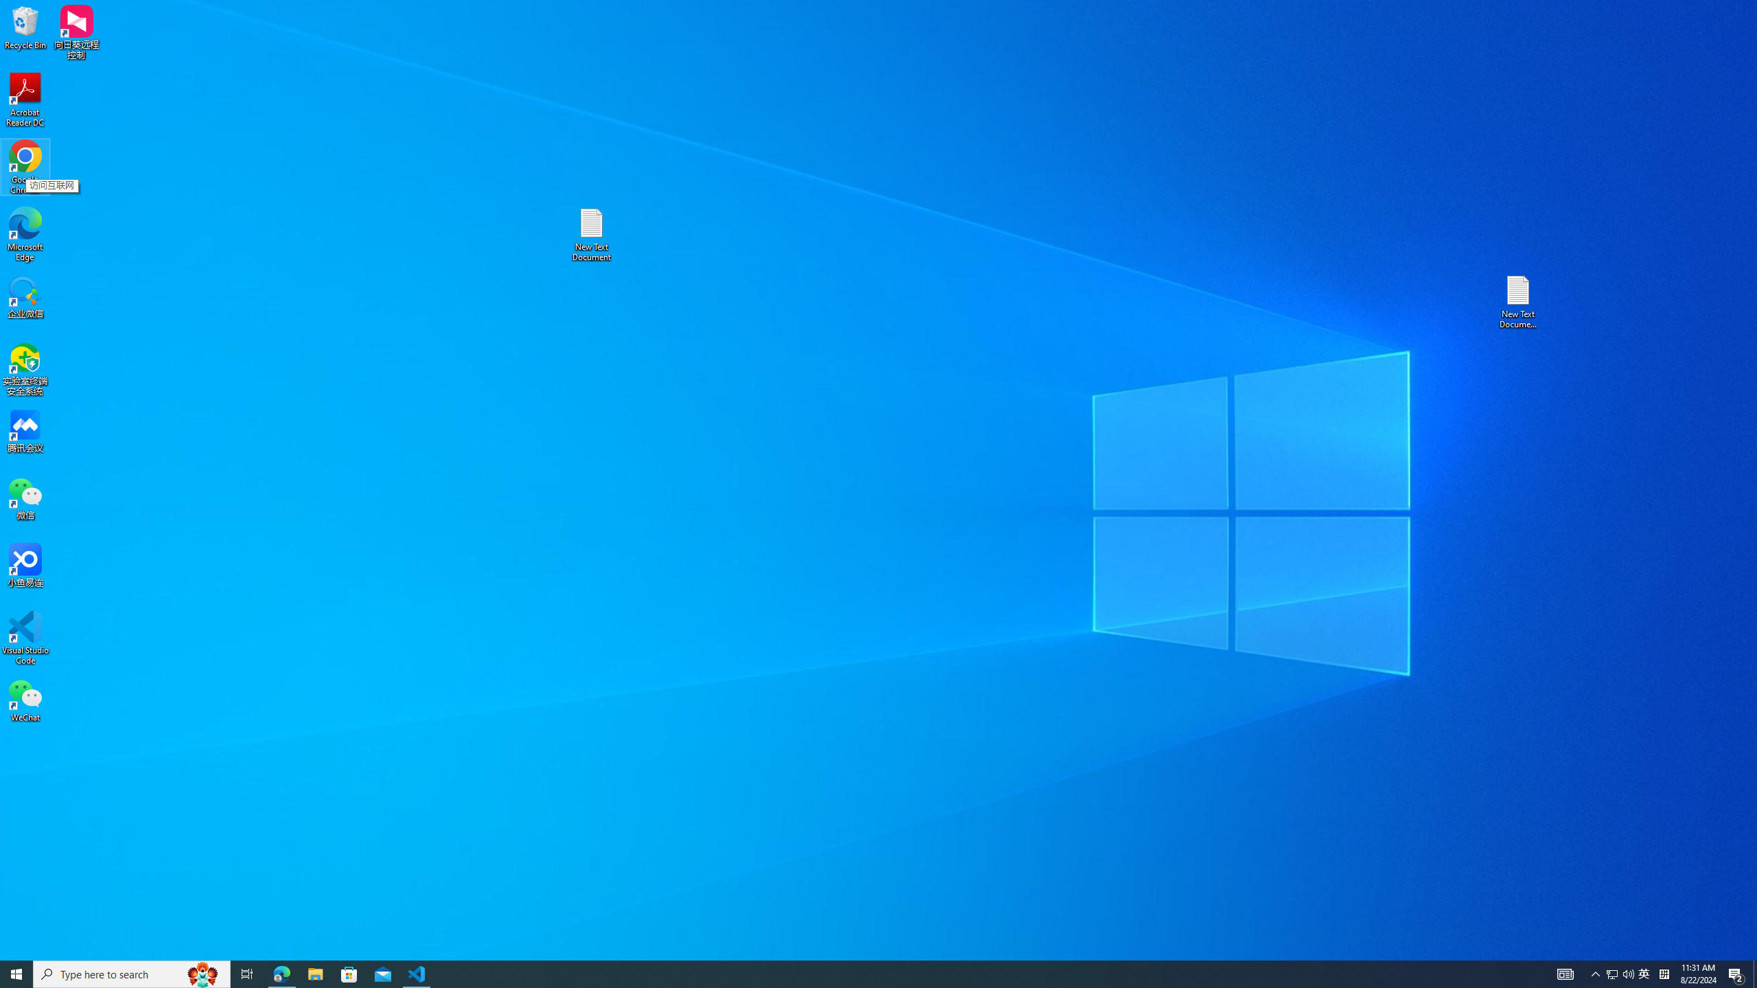 The image size is (1757, 988). Describe the element at coordinates (1564, 973) in the screenshot. I see `'AutomationID: 4105'` at that location.